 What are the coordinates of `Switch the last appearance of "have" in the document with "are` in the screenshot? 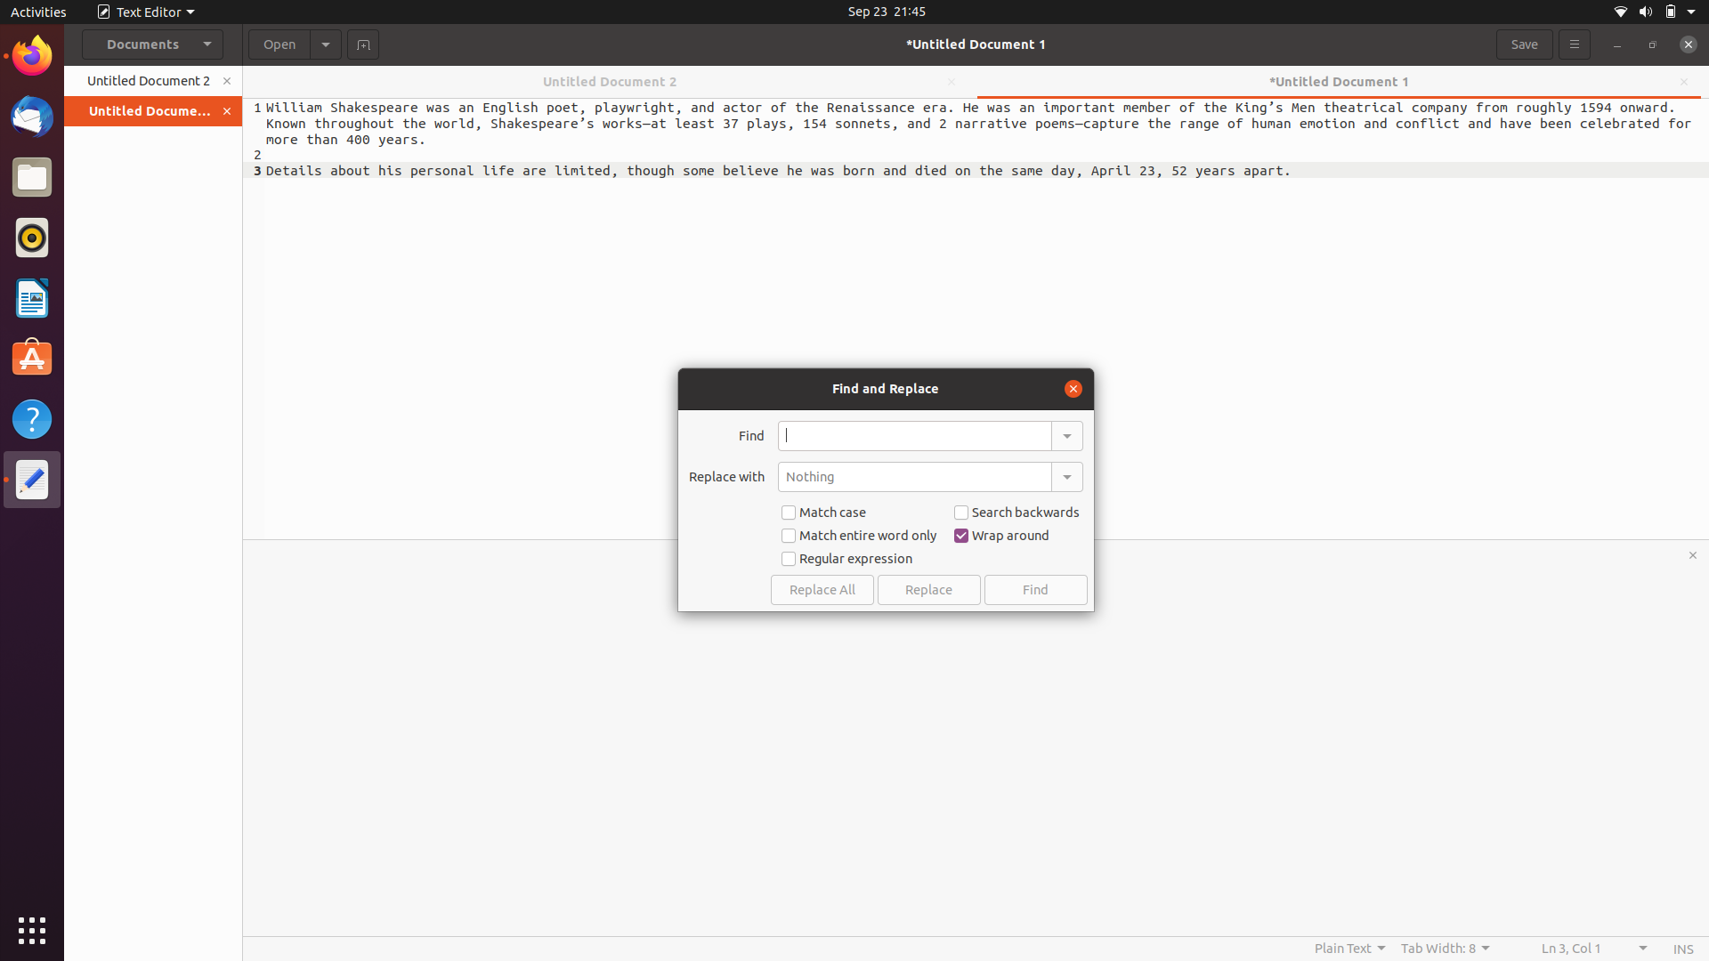 It's located at (914, 435).